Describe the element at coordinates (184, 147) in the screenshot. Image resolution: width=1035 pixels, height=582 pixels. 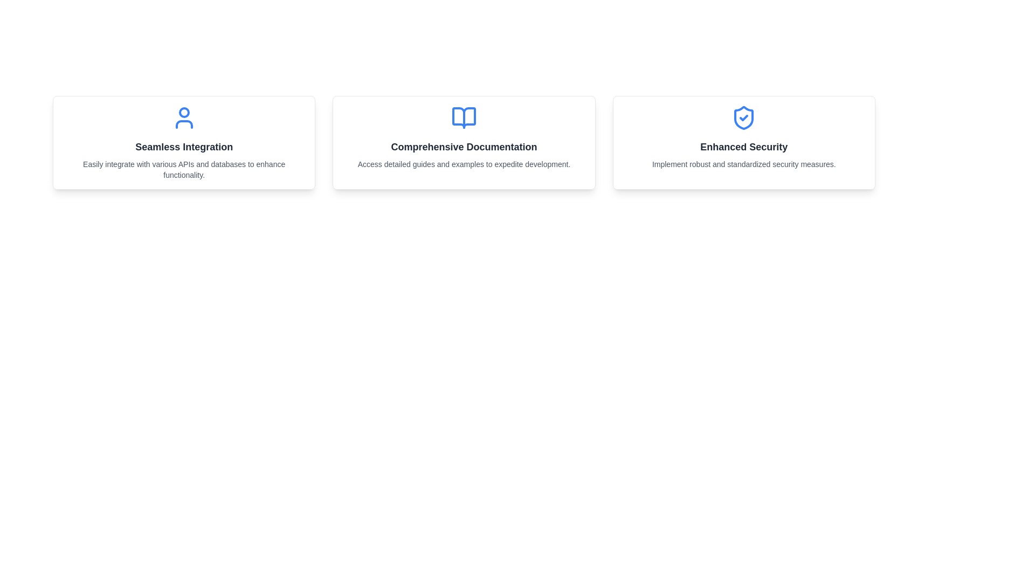
I see `the Heading or Title Text within the card, which is positioned below a user silhouette icon and above a subtitle description` at that location.